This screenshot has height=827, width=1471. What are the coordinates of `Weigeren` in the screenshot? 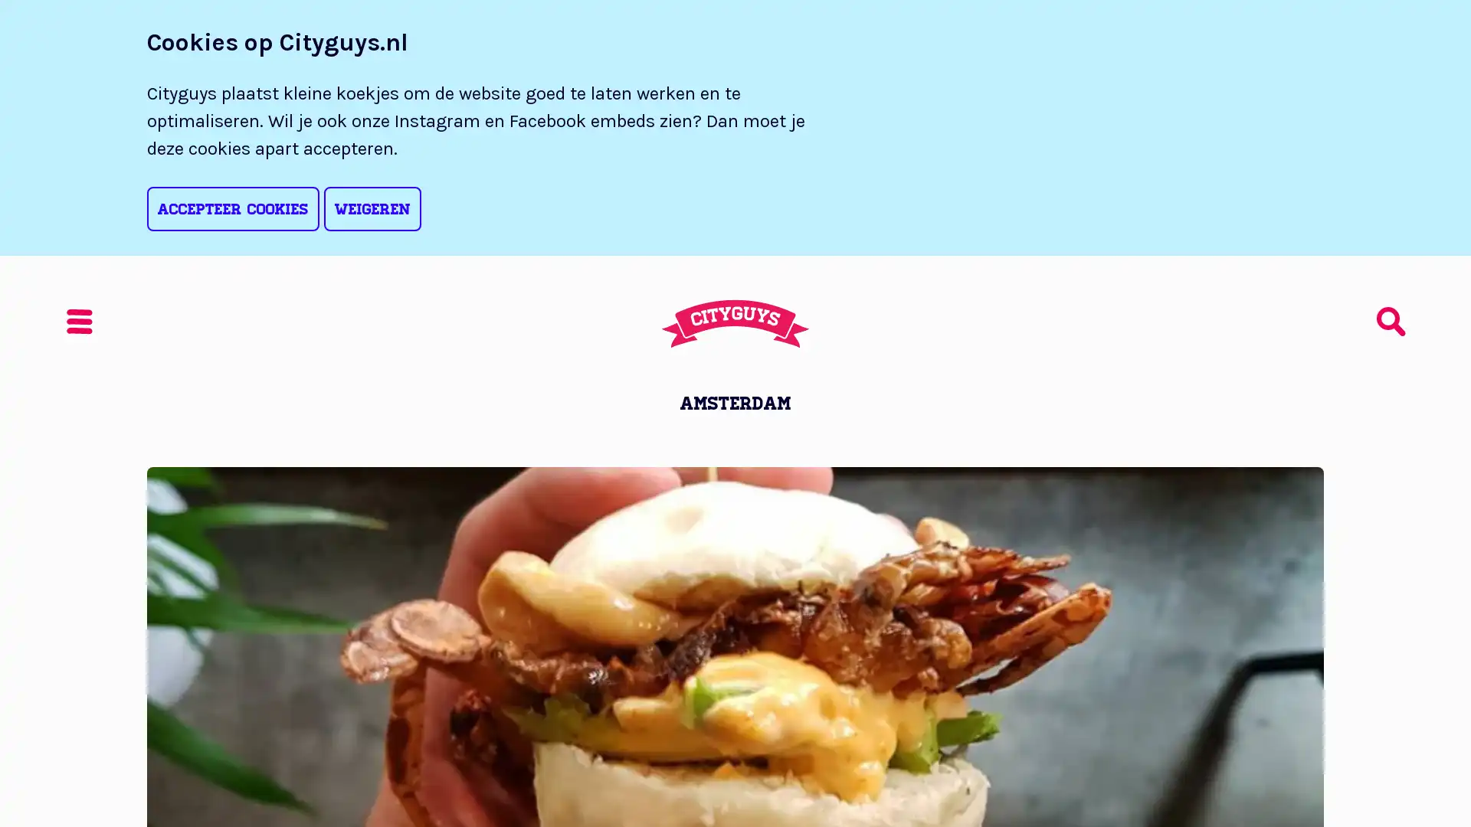 It's located at (372, 209).